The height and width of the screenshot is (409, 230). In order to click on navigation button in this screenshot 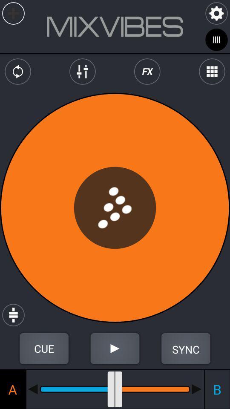, I will do `click(197, 389)`.